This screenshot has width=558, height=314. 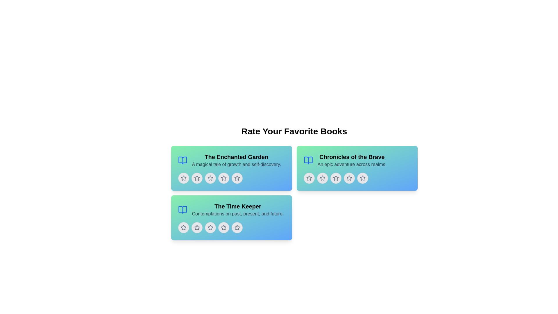 I want to click on the text element displaying the title and subtitle of the book 'The Enchanted Garden', so click(x=236, y=160).